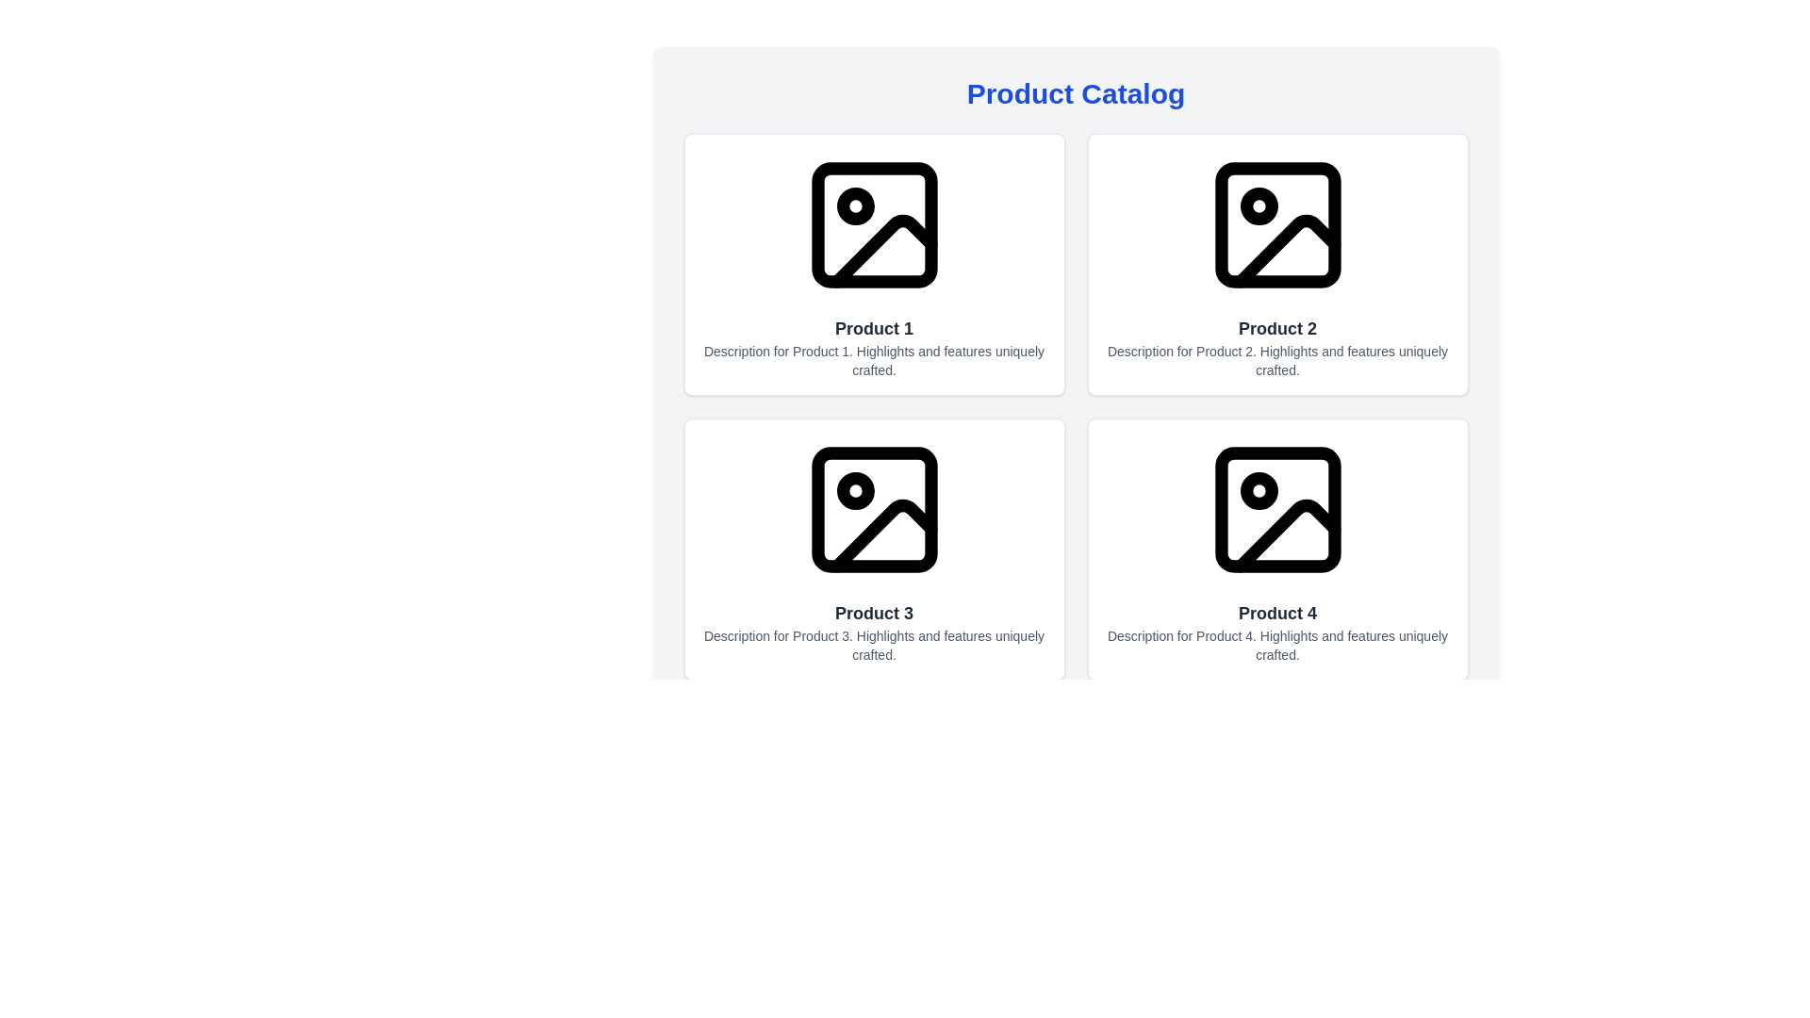 This screenshot has height=1018, width=1810. What do you see at coordinates (1277, 614) in the screenshot?
I see `on the text label that identifies 'Product 4' in the bottom-right corner of the card layout` at bounding box center [1277, 614].